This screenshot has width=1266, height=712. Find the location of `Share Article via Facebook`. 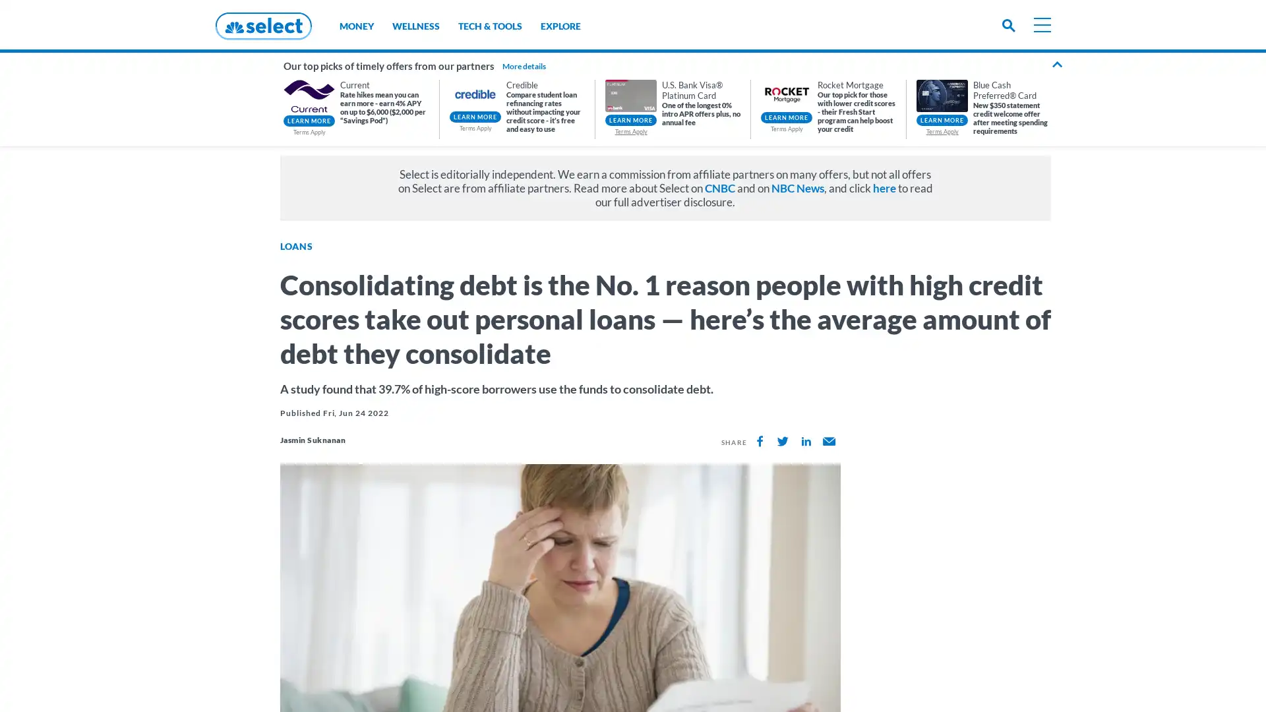

Share Article via Facebook is located at coordinates (759, 441).